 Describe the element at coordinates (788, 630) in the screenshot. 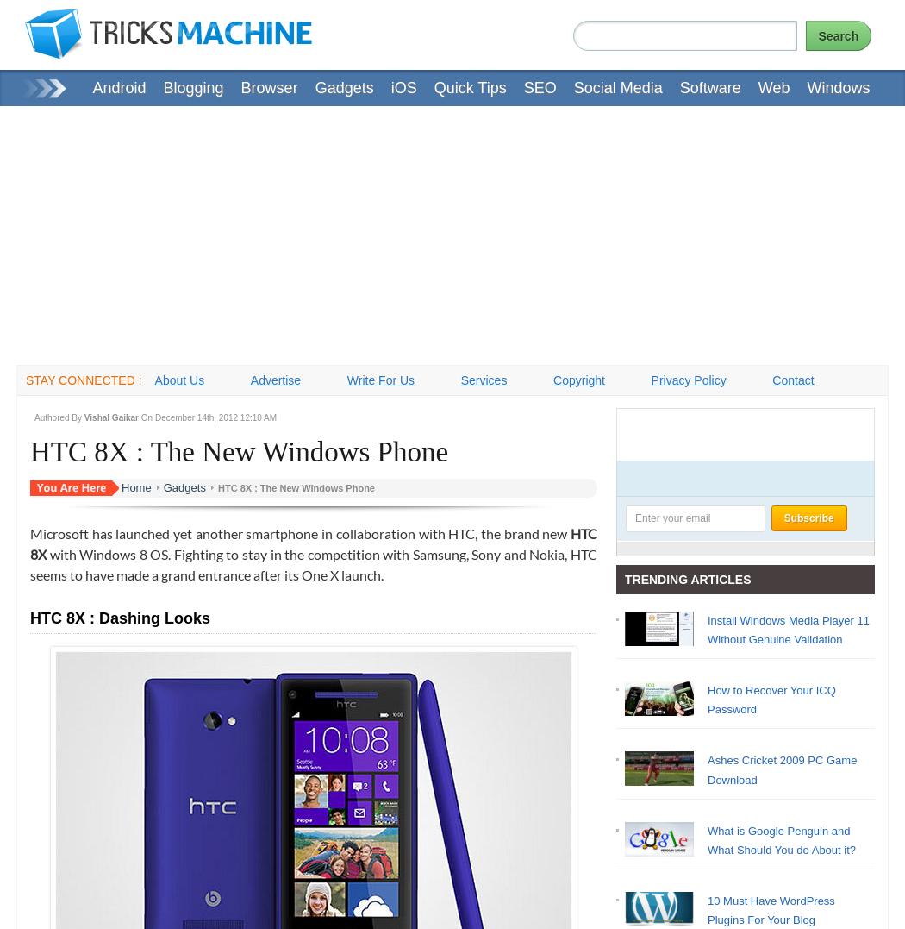

I see `'Install Windows Media Player 11 Without Genuine Validation'` at that location.